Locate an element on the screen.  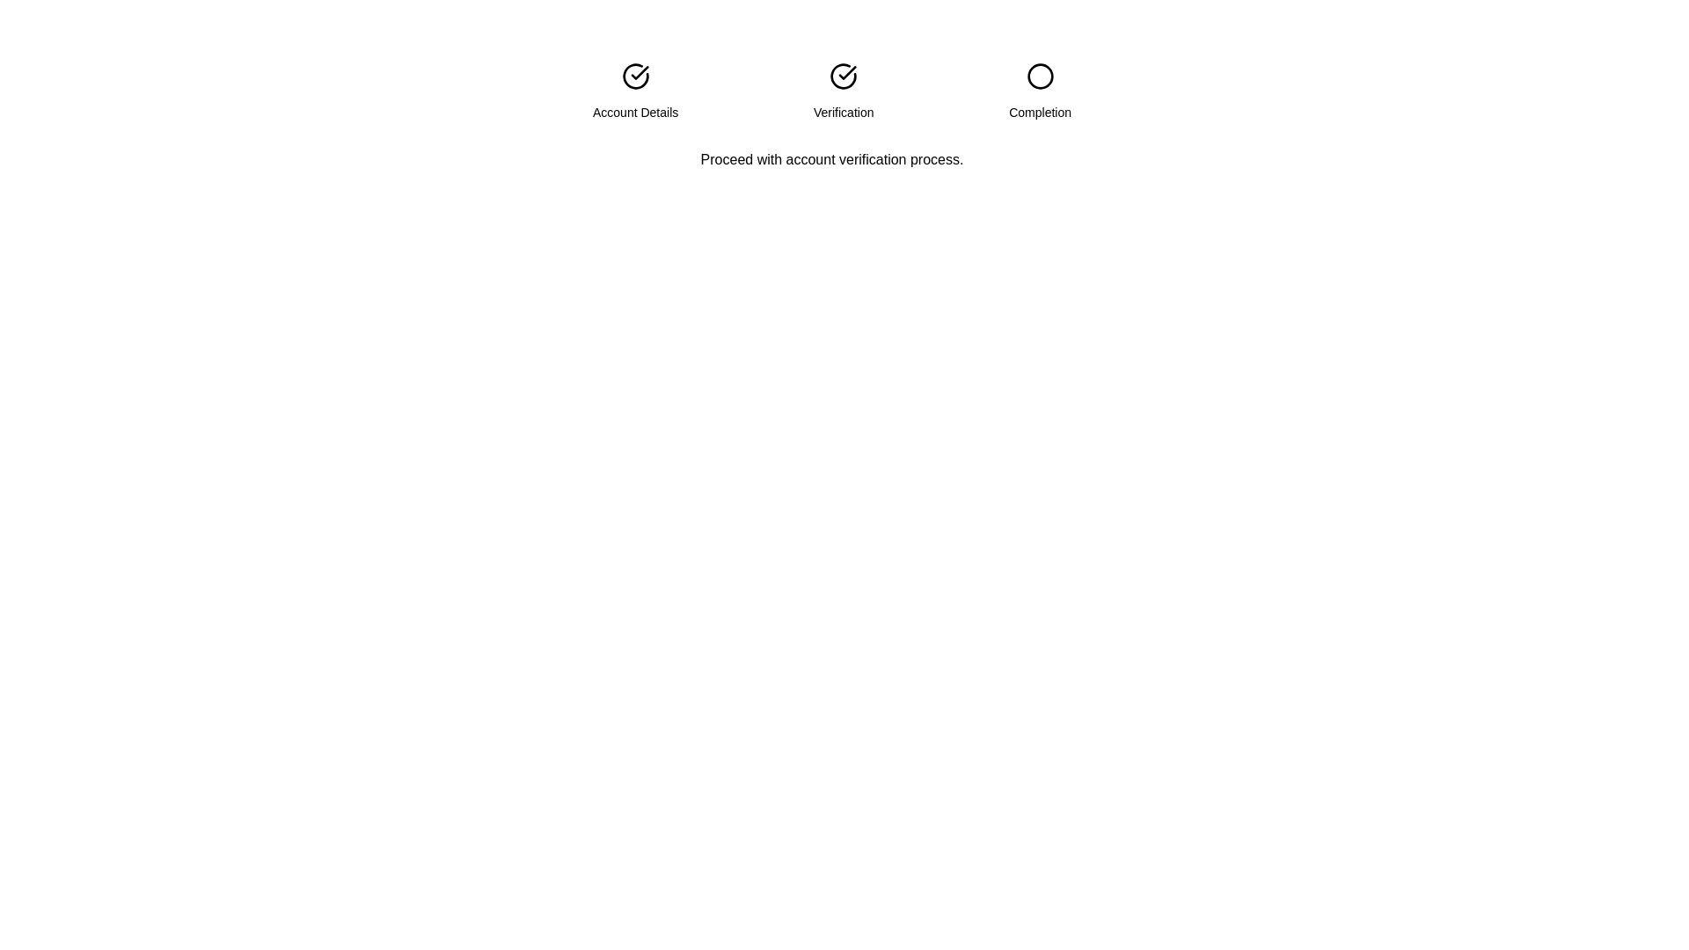
the current progress status in the Progress Indicator Component that visually represents the stages of a multi-step process, specifically highlighting the Verification stage is located at coordinates (830, 91).